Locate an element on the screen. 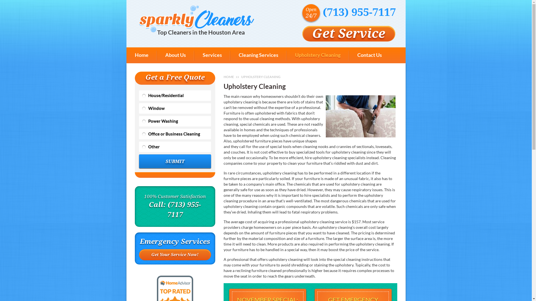  'Top Cleaners in the Houston Area' is located at coordinates (197, 19).